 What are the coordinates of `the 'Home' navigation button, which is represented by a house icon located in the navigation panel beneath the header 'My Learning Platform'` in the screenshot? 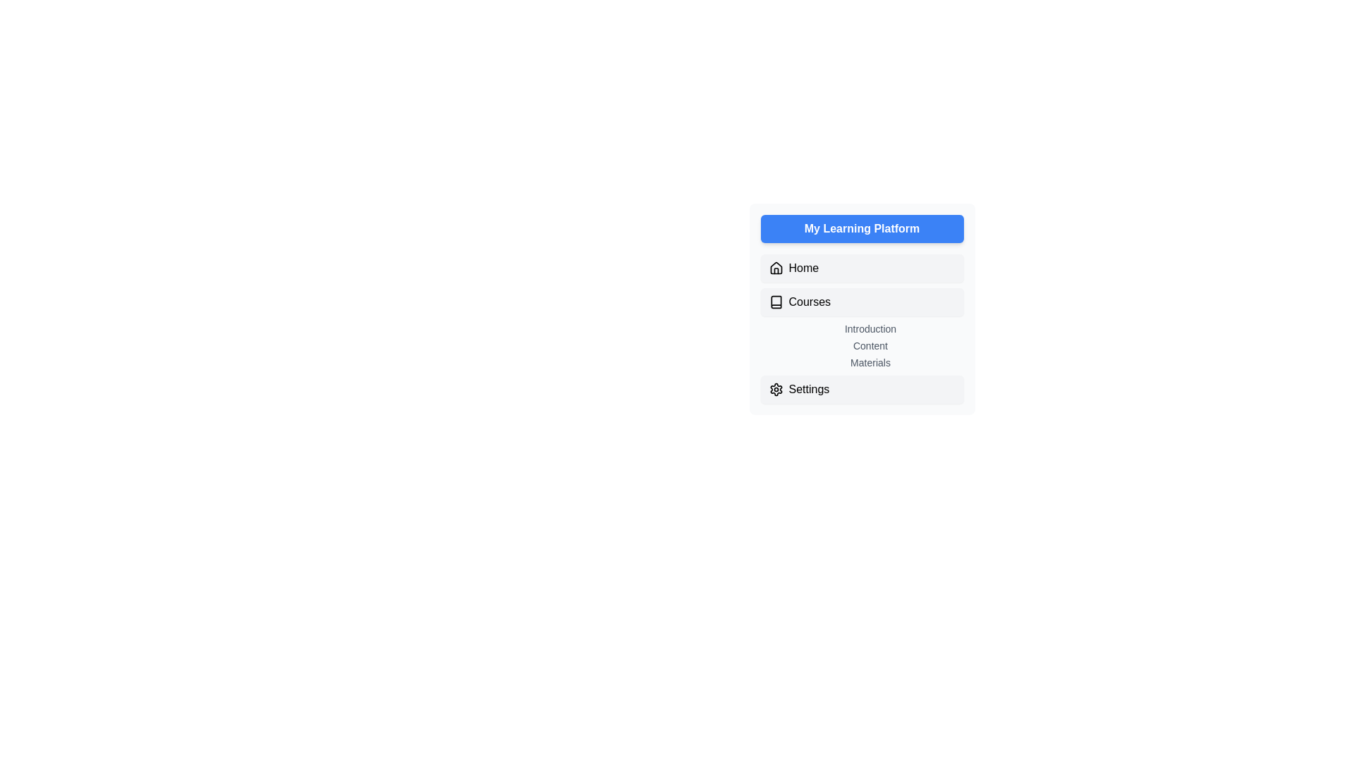 It's located at (775, 268).